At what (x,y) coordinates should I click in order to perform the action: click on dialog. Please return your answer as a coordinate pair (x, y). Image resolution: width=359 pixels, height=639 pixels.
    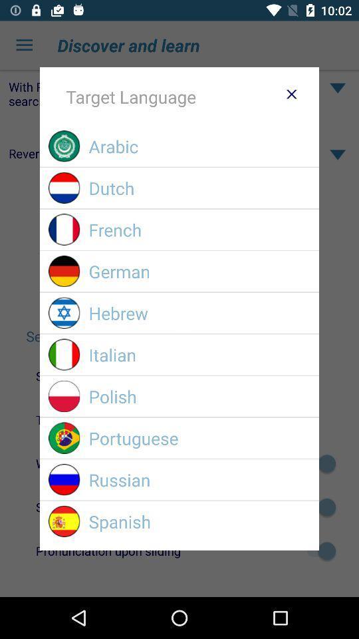
    Looking at the image, I should click on (291, 93).